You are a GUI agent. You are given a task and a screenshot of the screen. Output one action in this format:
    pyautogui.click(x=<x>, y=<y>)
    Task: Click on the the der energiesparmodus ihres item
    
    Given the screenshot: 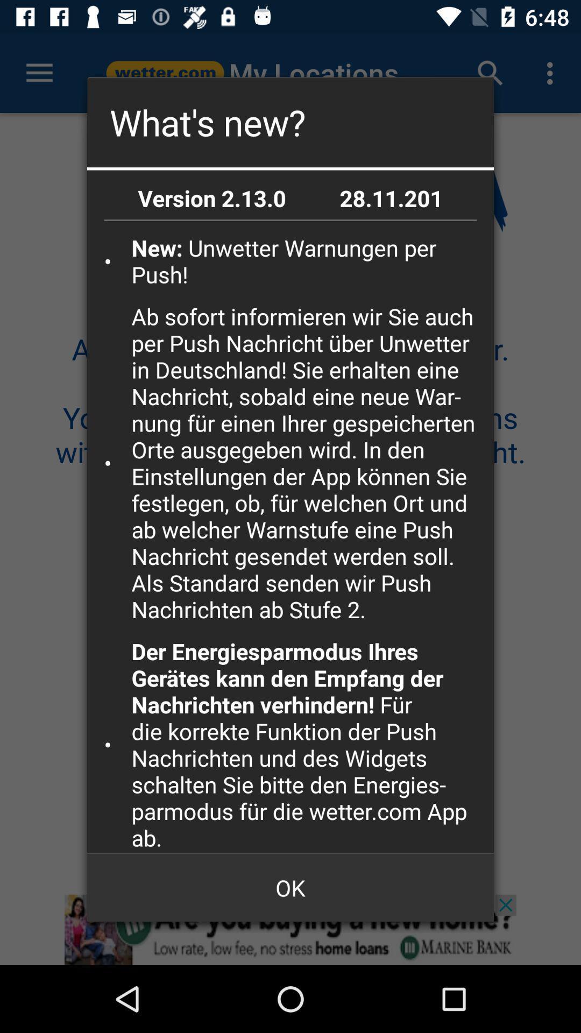 What is the action you would take?
    pyautogui.click(x=309, y=744)
    